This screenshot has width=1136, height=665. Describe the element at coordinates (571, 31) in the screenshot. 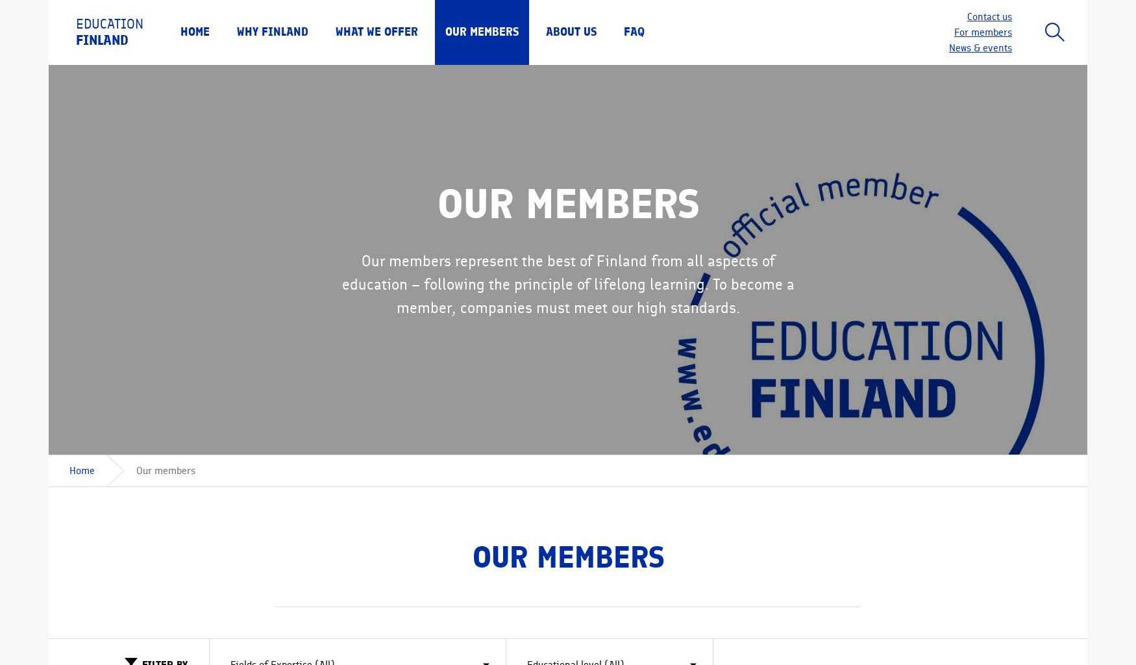

I see `'About us'` at that location.